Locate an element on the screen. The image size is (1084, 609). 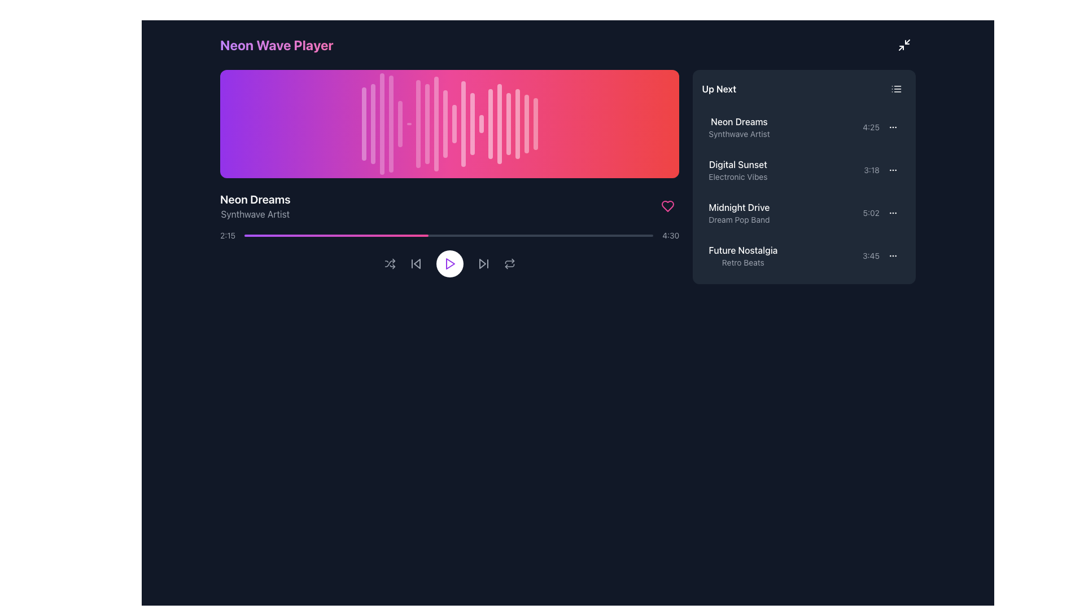
the options menu button, which is a compact icon with three horizontal dots, located in the upper-right corner of the 'Up Next' section, next to the time label '5:02' for the track 'Midnight Drive' is located at coordinates (892, 213).